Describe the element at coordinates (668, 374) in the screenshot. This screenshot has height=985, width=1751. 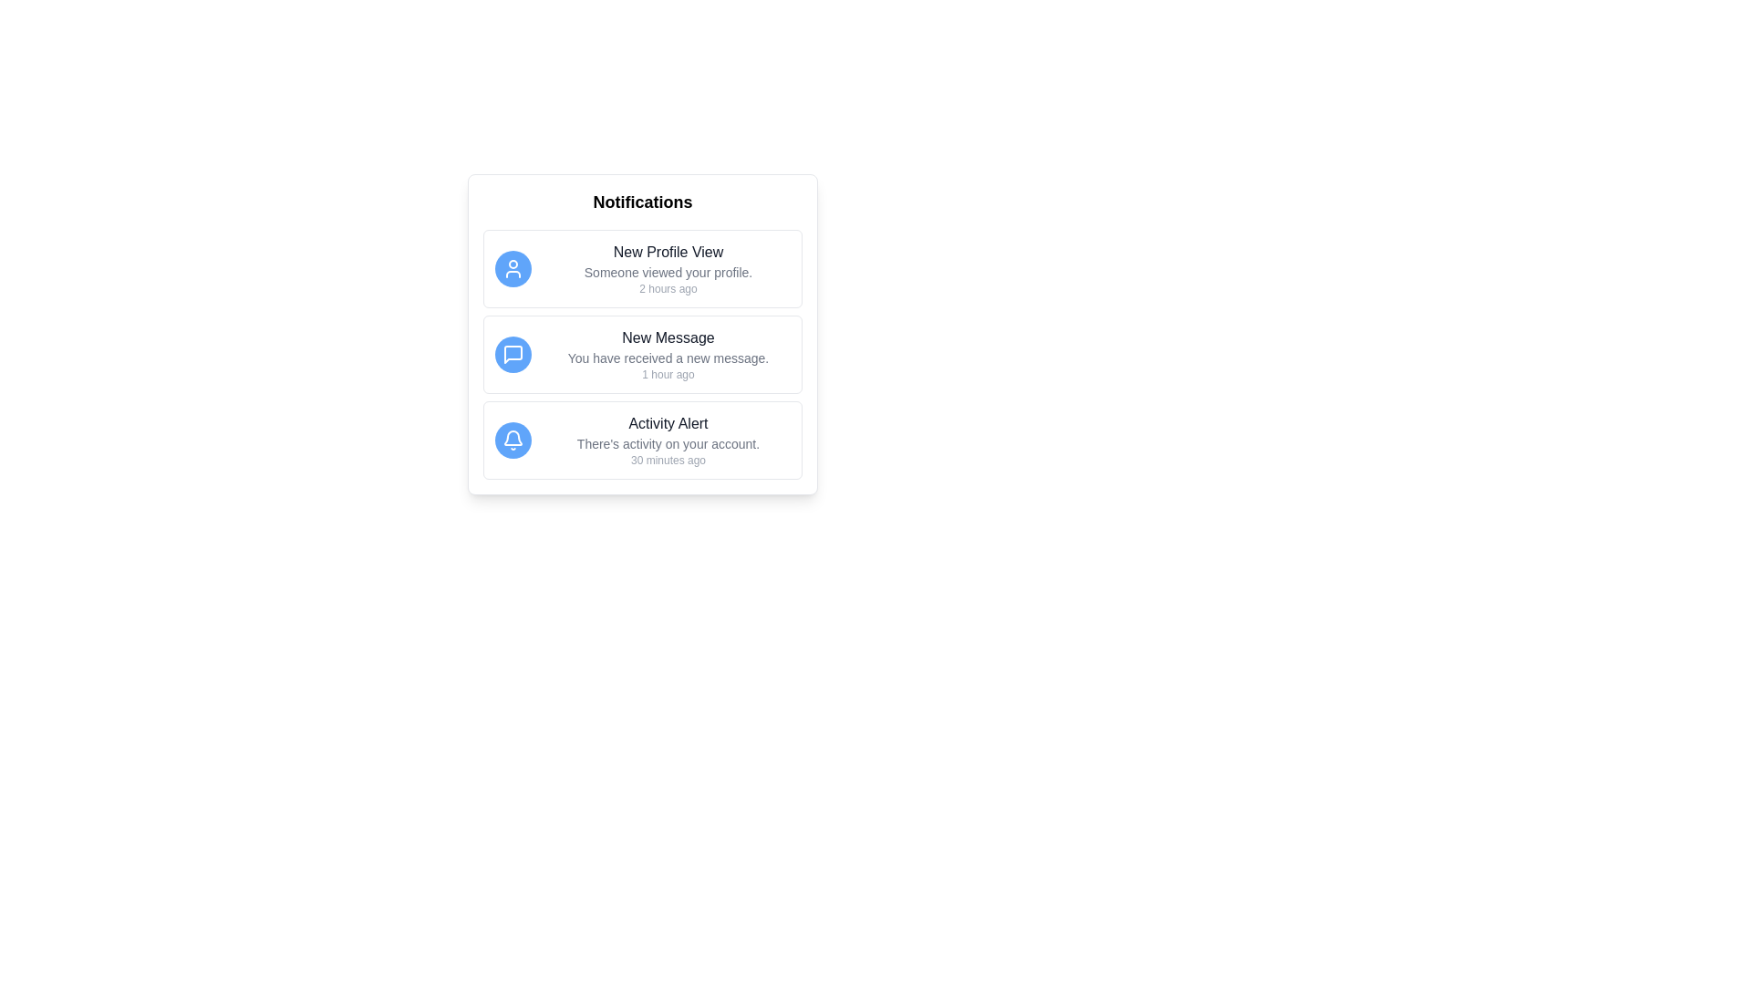
I see `the timestamp text label that indicates when the related notification event occurred, positioned below the descriptive message 'You have received a new message.' in the 'New Message' notification box` at that location.